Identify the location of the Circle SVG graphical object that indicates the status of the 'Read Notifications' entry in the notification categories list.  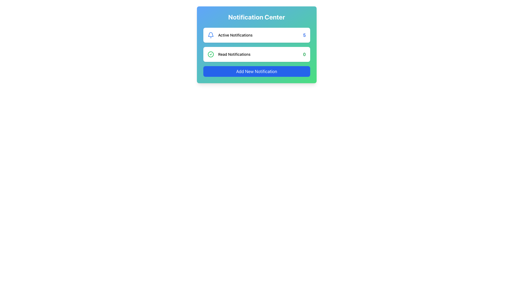
(210, 54).